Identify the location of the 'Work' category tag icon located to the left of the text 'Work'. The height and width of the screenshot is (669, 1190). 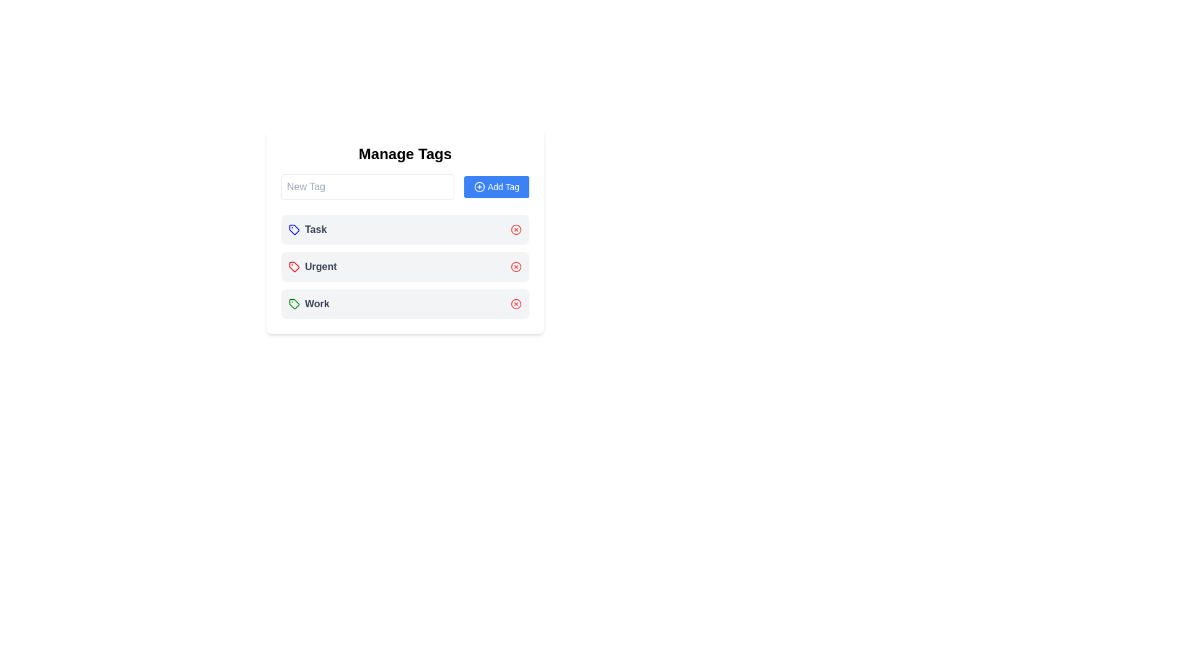
(294, 304).